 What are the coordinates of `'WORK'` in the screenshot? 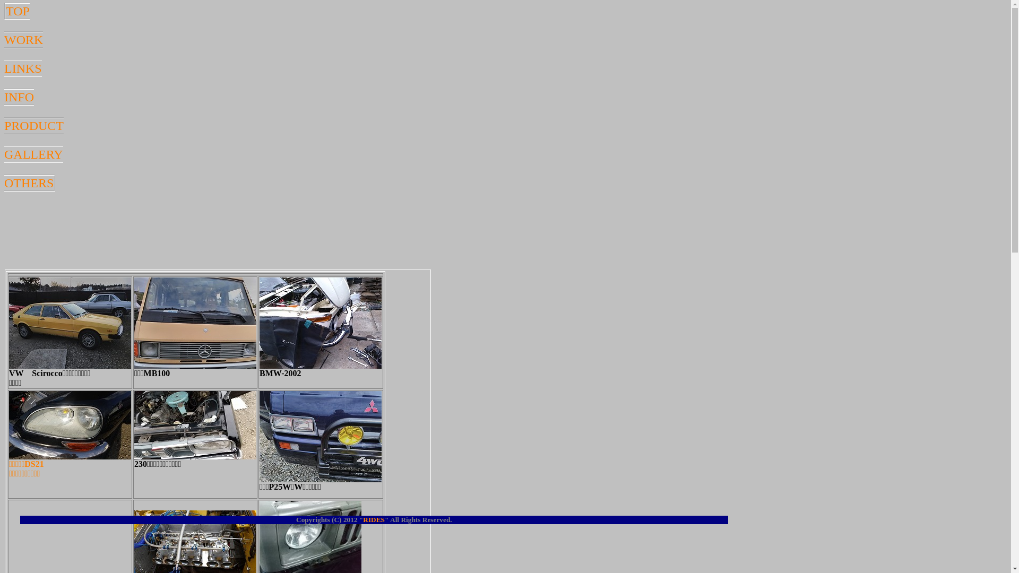 It's located at (23, 39).